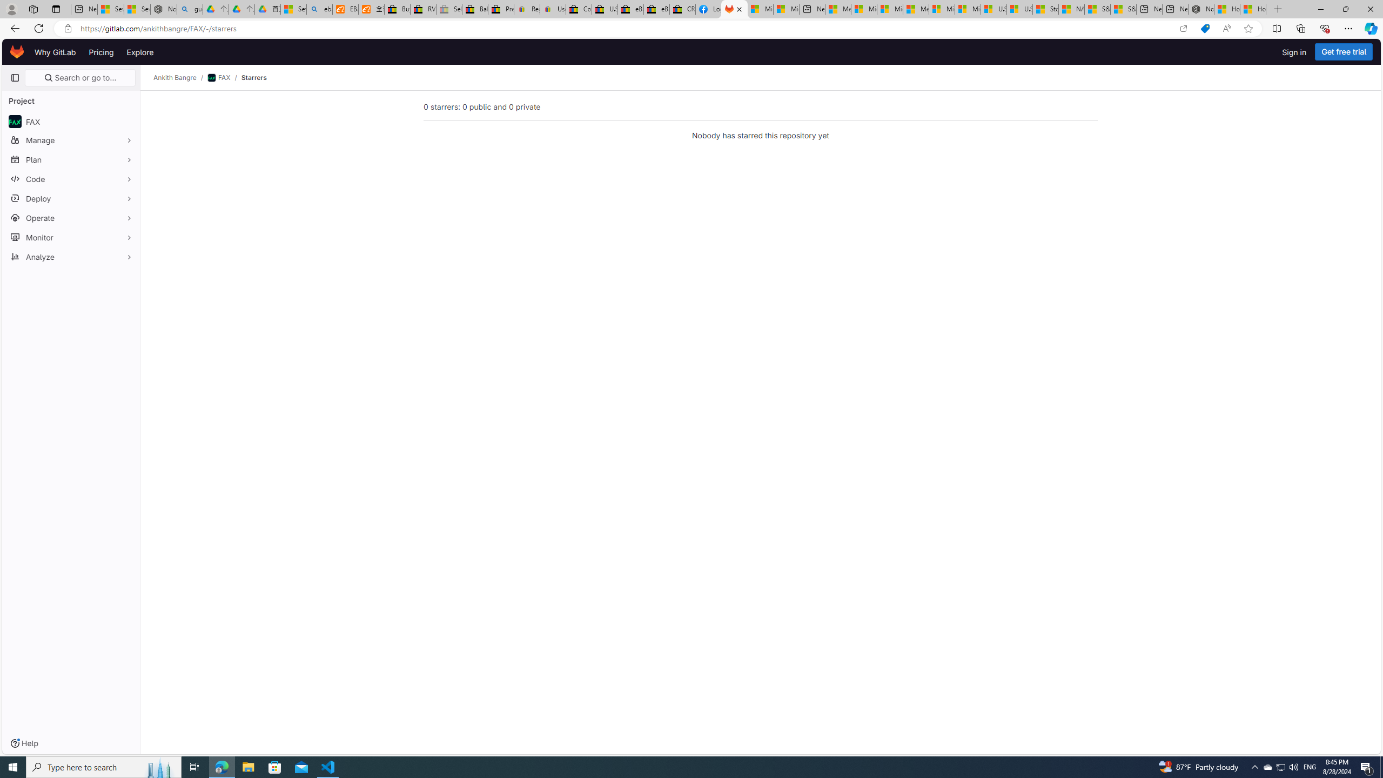 The width and height of the screenshot is (1383, 778). I want to click on 'Refresh', so click(38, 28).